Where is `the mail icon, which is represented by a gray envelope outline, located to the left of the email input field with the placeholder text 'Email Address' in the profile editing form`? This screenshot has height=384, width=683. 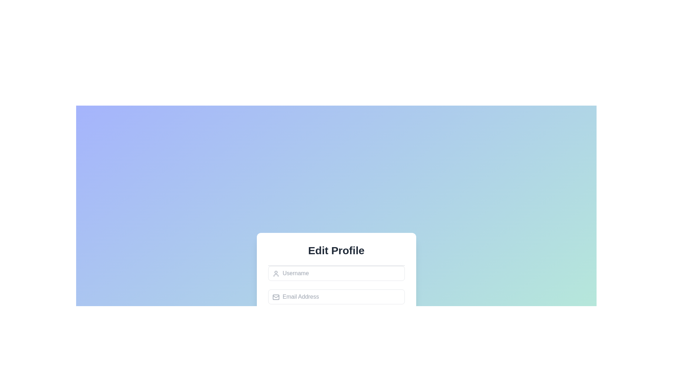
the mail icon, which is represented by a gray envelope outline, located to the left of the email input field with the placeholder text 'Email Address' in the profile editing form is located at coordinates (275, 297).